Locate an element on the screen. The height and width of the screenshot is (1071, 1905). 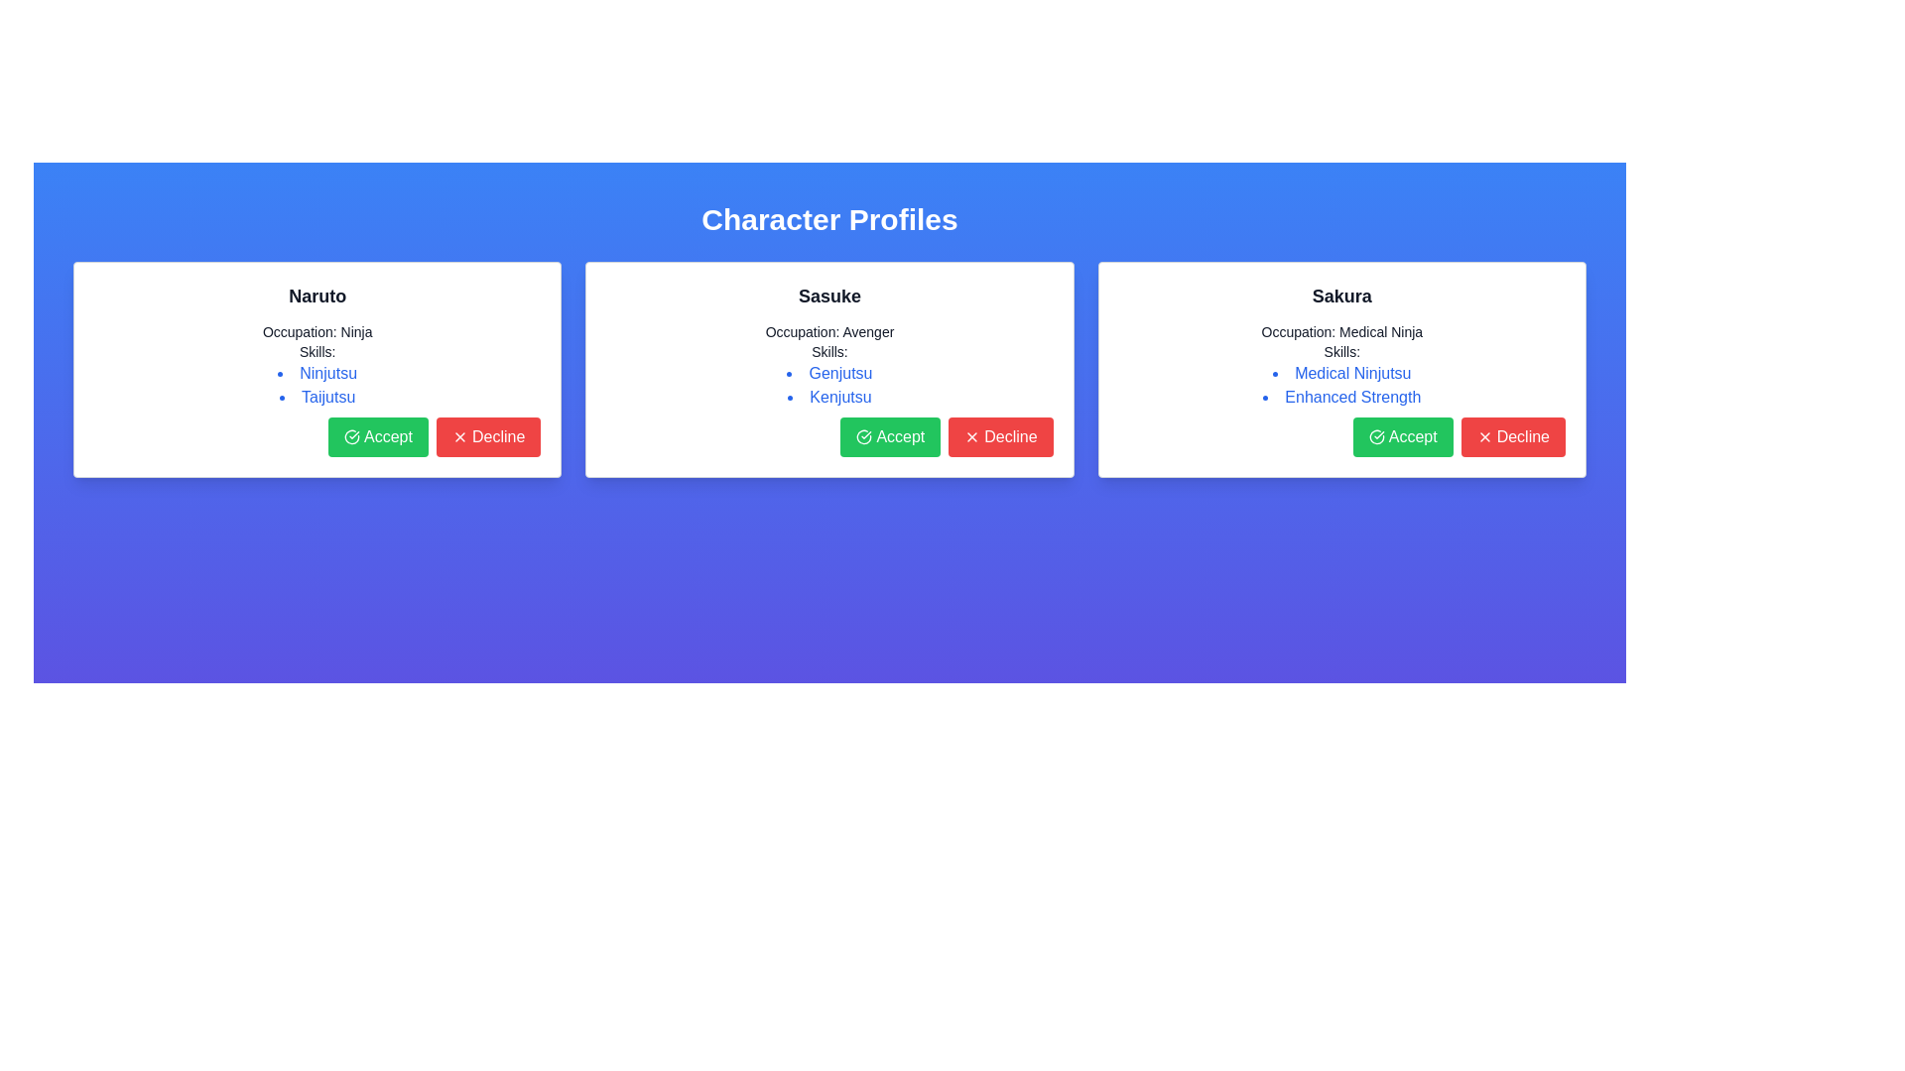
the static text element reading 'Occupation: Ninja' located in the leftmost profile card, positioned directly below the character name 'Naruto' is located at coordinates (317, 331).